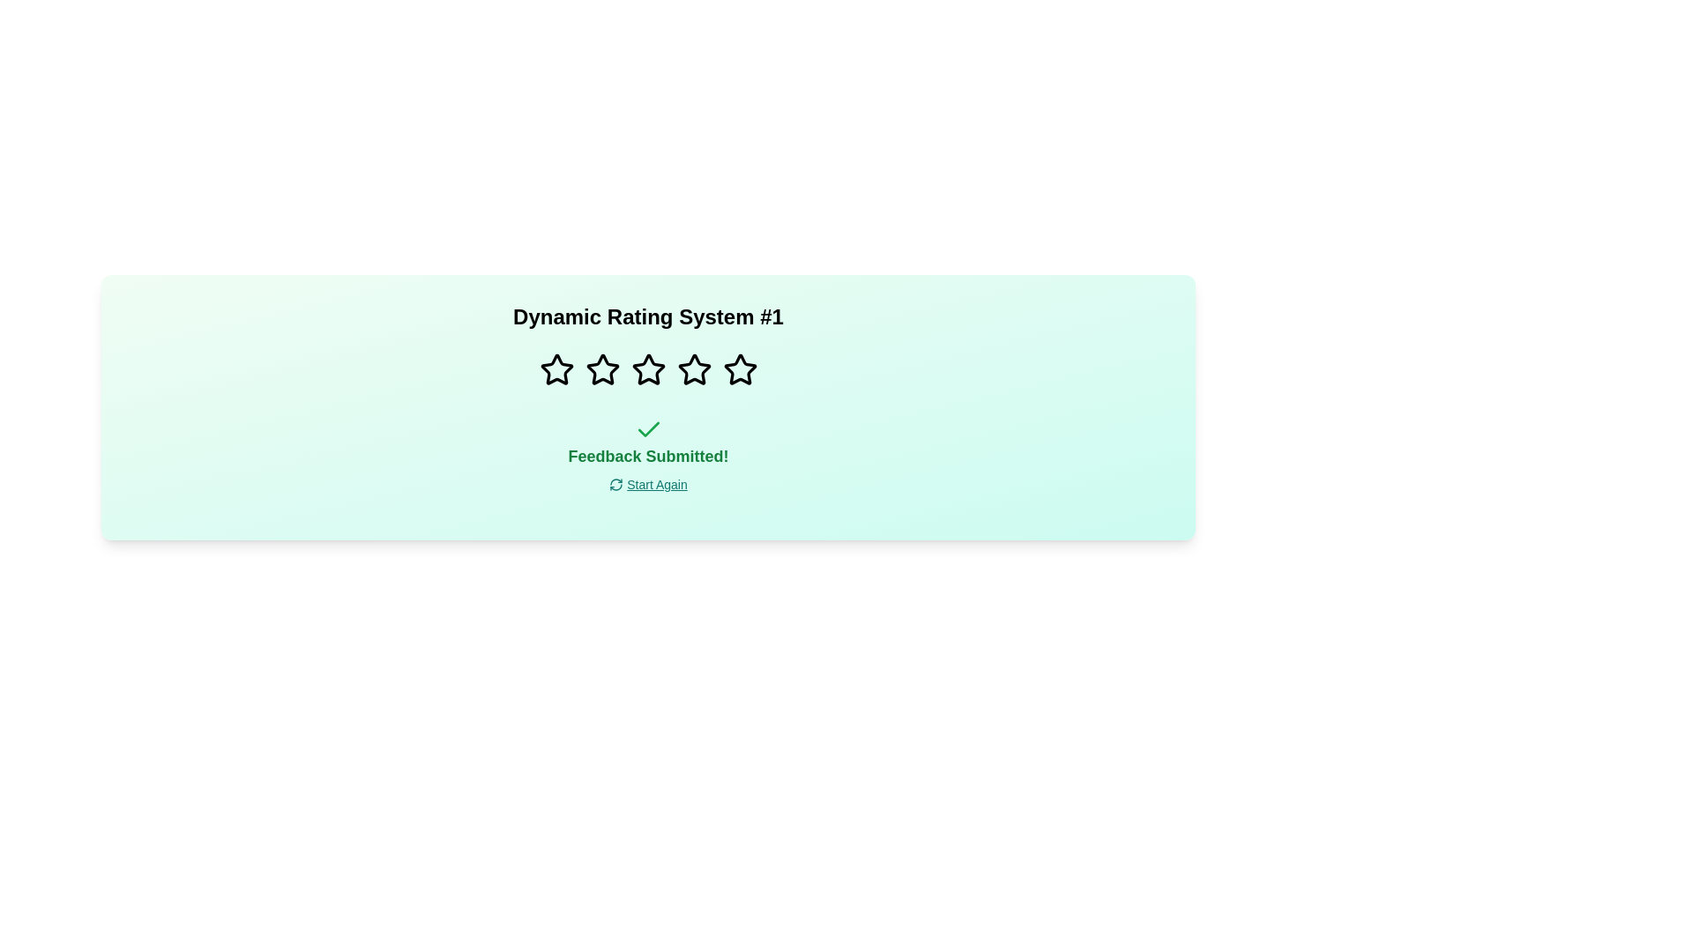  Describe the element at coordinates (740, 369) in the screenshot. I see `the fifth star icon in the rating system` at that location.